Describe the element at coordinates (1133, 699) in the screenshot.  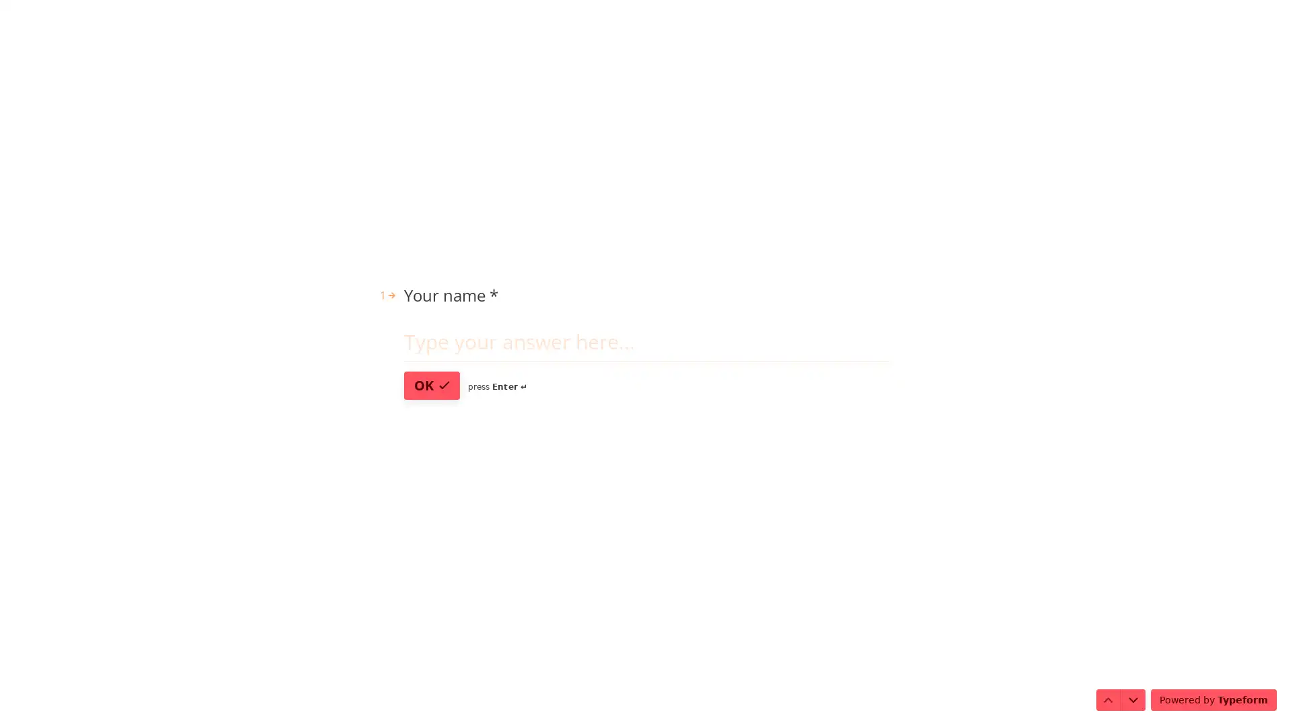
I see `Navigate to next question` at that location.